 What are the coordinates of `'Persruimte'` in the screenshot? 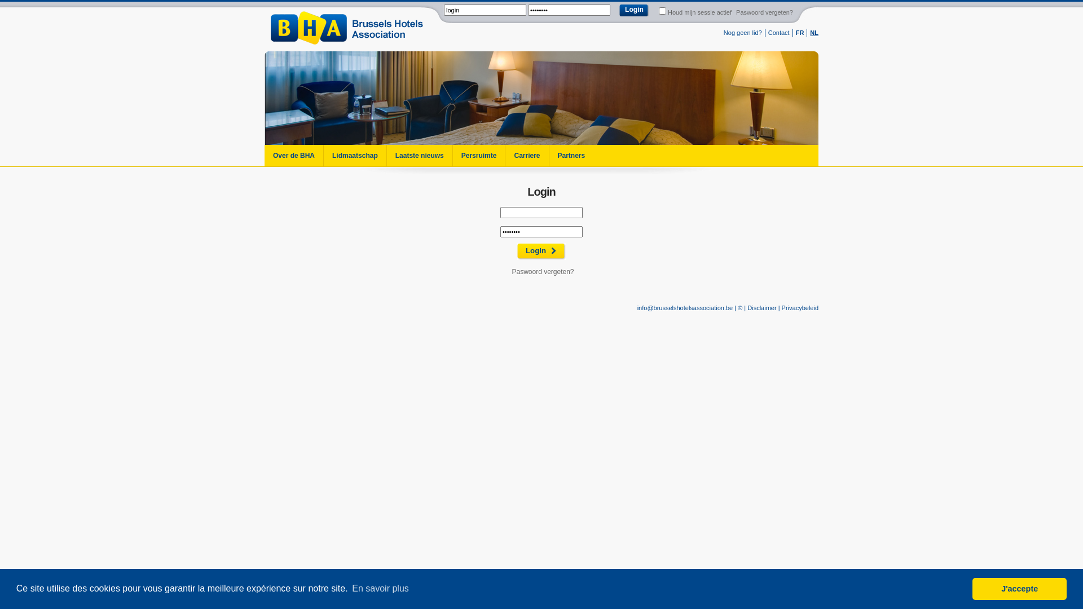 It's located at (452, 156).